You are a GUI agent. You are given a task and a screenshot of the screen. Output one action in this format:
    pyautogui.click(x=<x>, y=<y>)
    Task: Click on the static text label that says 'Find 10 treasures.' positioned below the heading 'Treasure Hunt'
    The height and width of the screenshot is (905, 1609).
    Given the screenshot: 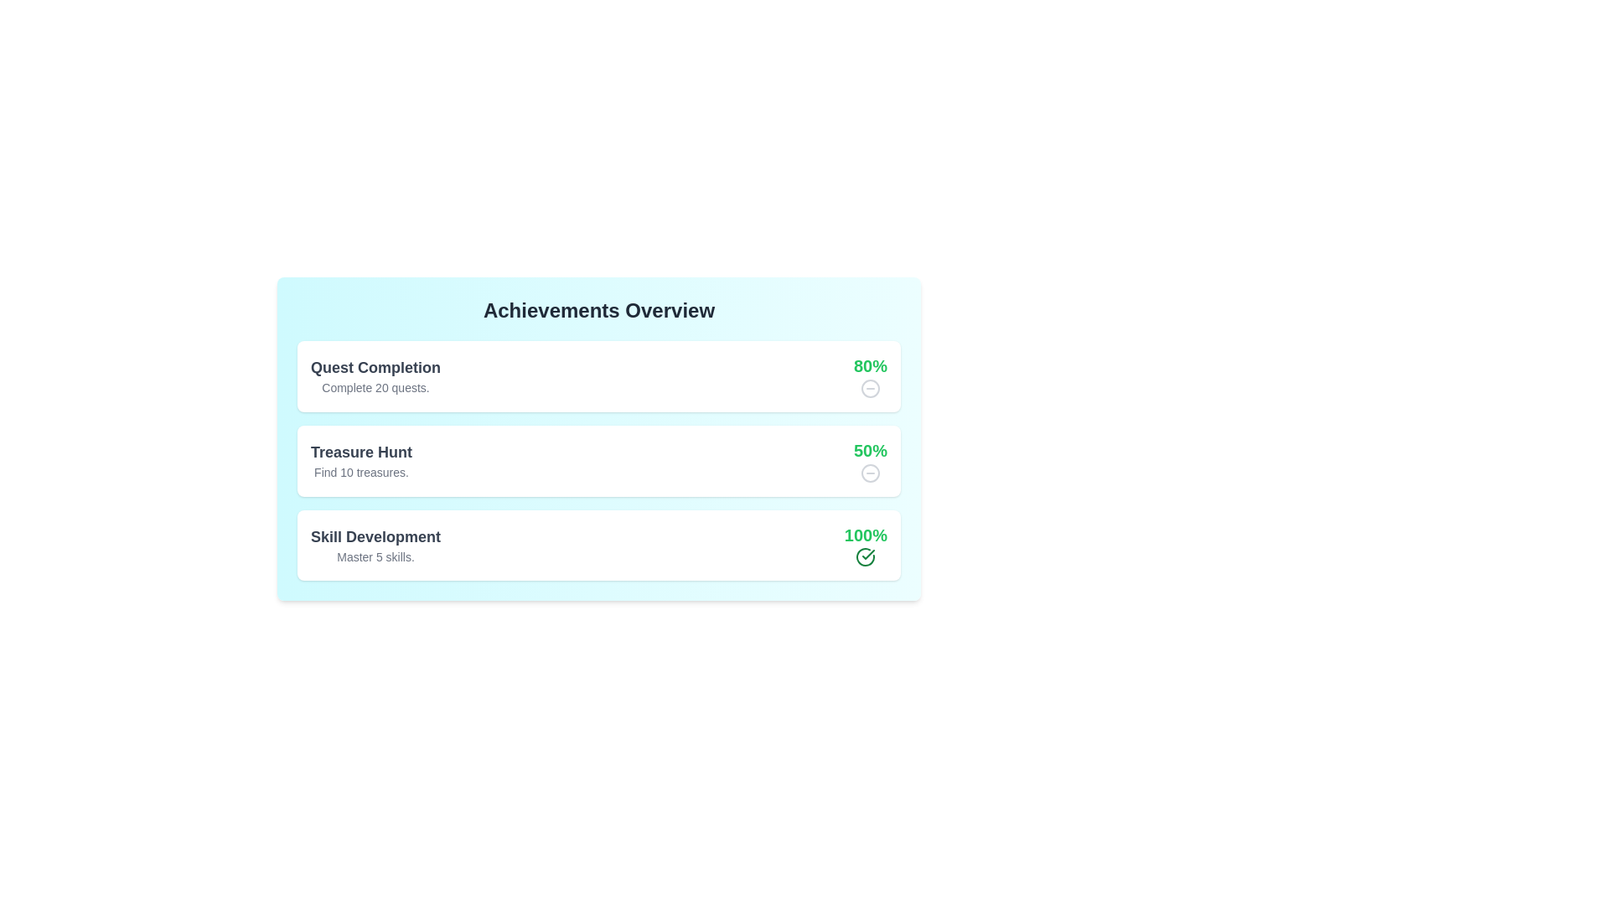 What is the action you would take?
    pyautogui.click(x=360, y=473)
    